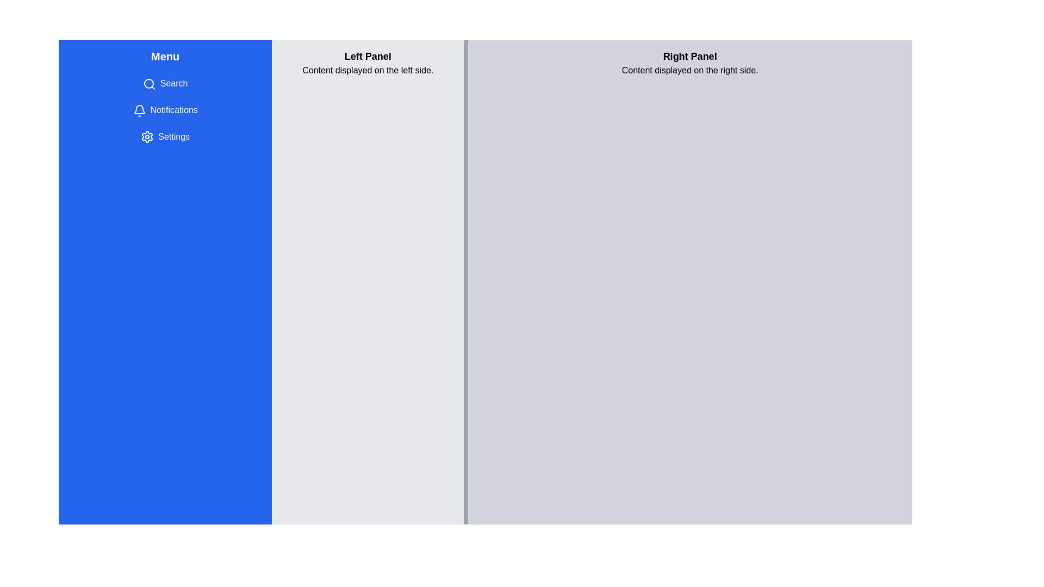  What do you see at coordinates (165, 110) in the screenshot?
I see `the 'Notifications' button, which is styled with a blue background and rounded edges, located below the 'Search' option and above the 'Settings' option in the vertical menu` at bounding box center [165, 110].